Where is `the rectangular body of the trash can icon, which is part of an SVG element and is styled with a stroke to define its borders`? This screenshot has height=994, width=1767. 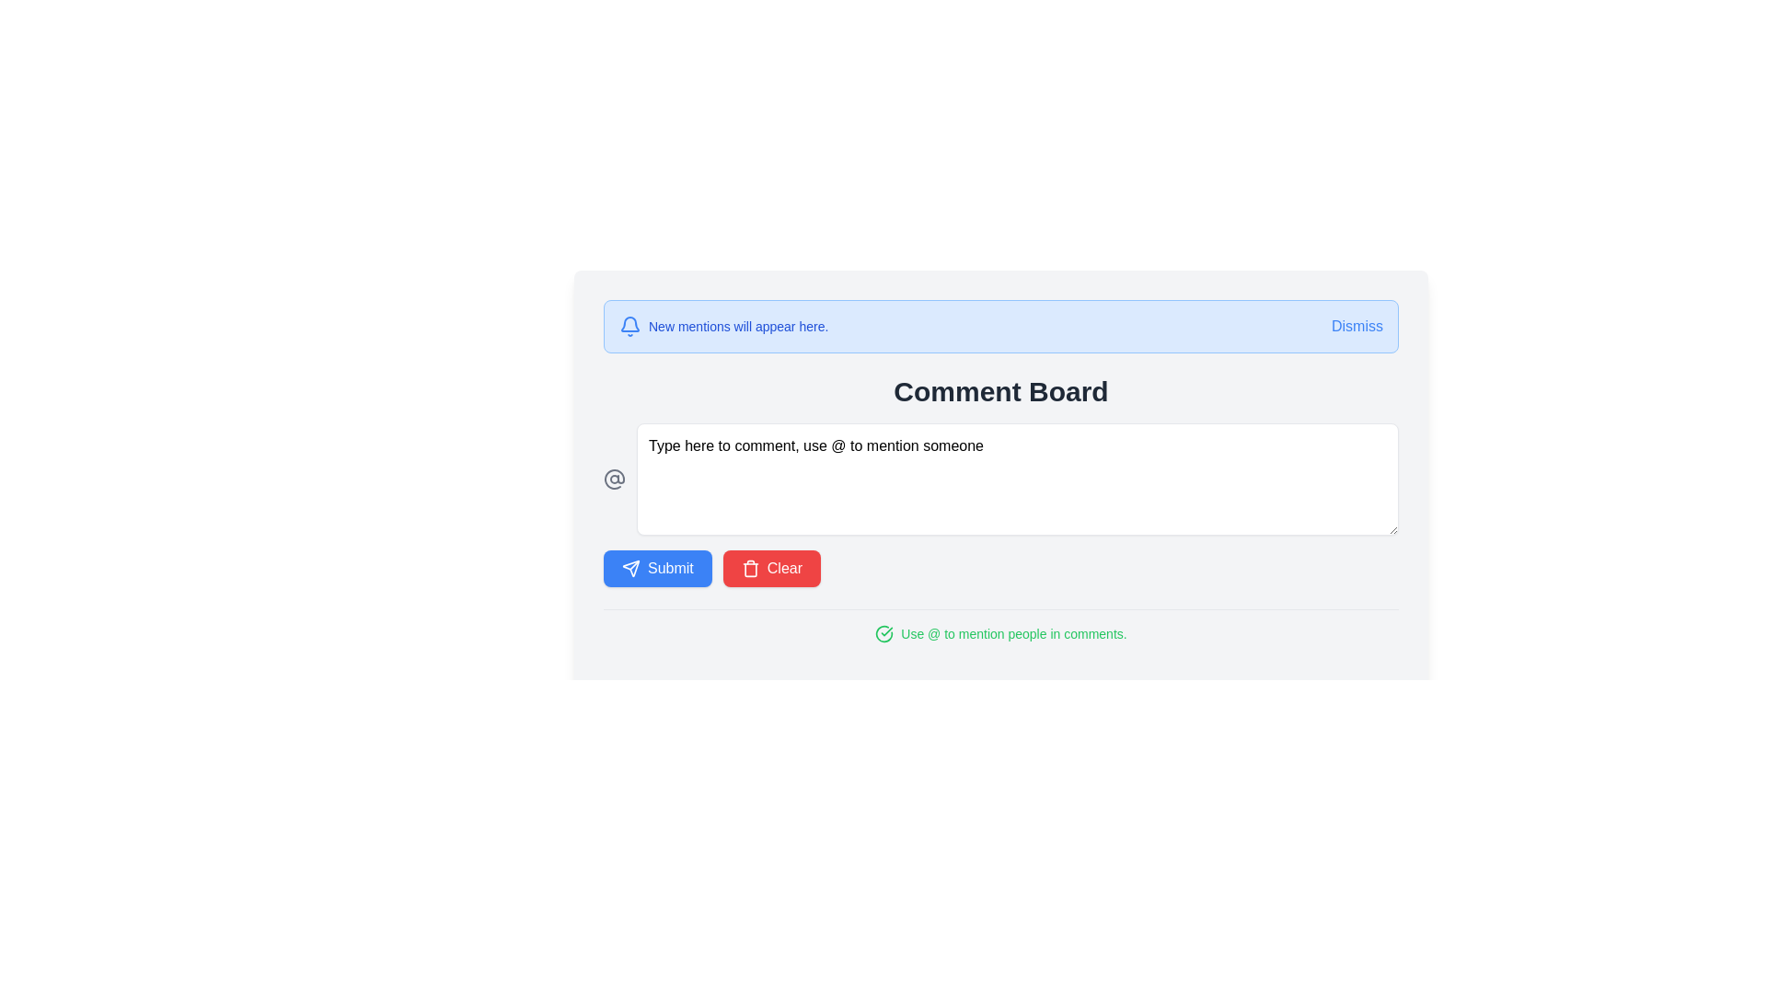 the rectangular body of the trash can icon, which is part of an SVG element and is styled with a stroke to define its borders is located at coordinates (750, 569).